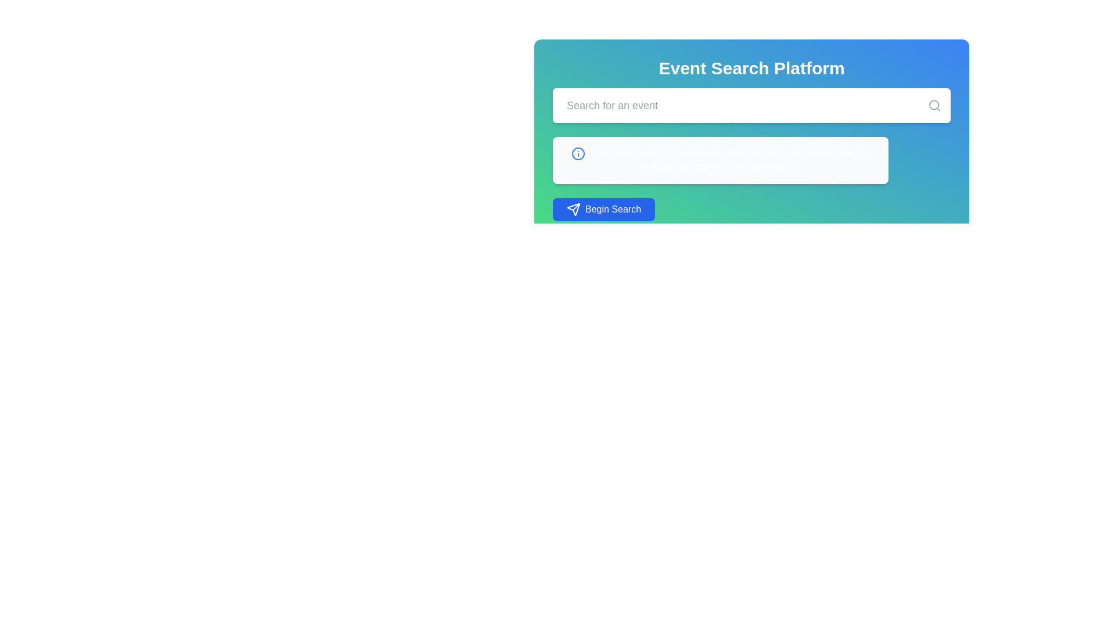  Describe the element at coordinates (604, 208) in the screenshot. I see `the 'Begin Search' button` at that location.